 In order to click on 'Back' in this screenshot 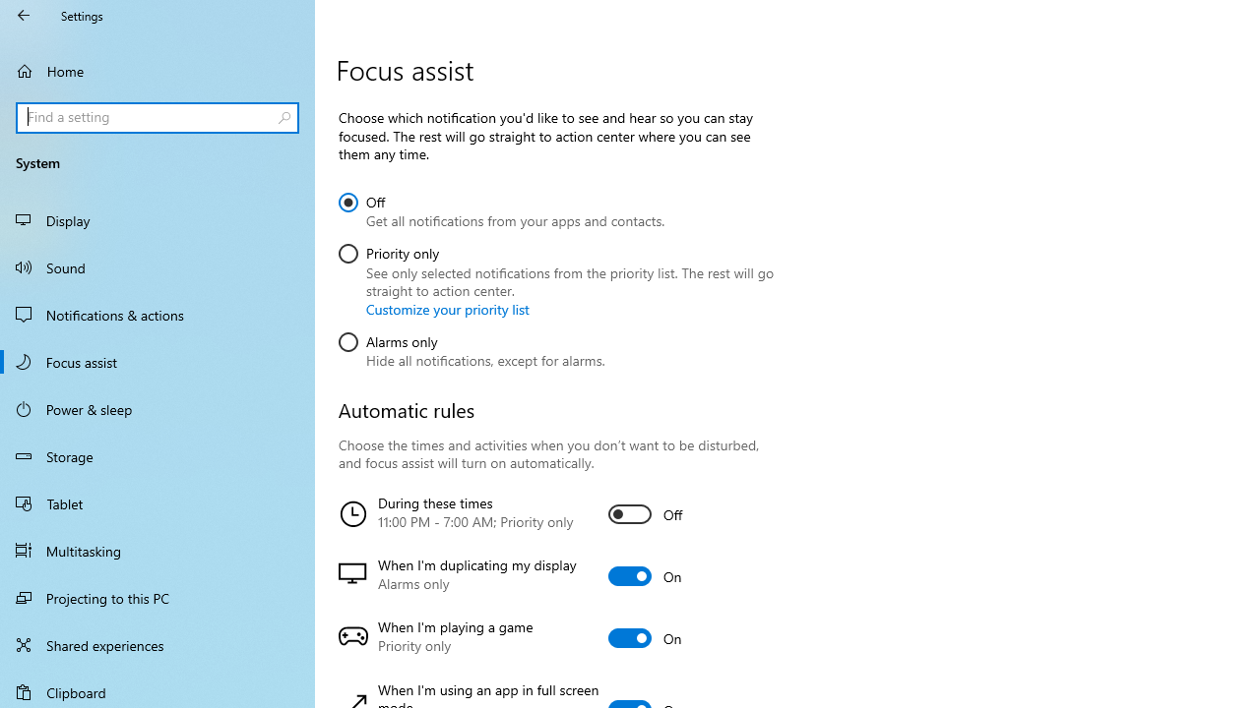, I will do `click(24, 15)`.